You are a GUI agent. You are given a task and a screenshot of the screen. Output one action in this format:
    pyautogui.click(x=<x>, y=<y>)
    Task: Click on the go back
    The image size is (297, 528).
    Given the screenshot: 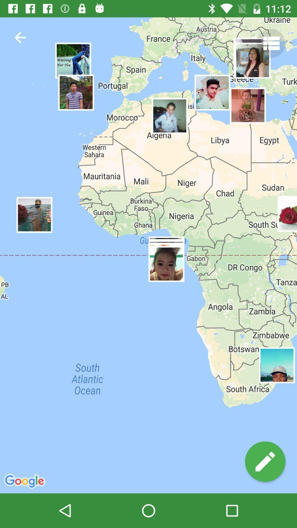 What is the action you would take?
    pyautogui.click(x=20, y=37)
    